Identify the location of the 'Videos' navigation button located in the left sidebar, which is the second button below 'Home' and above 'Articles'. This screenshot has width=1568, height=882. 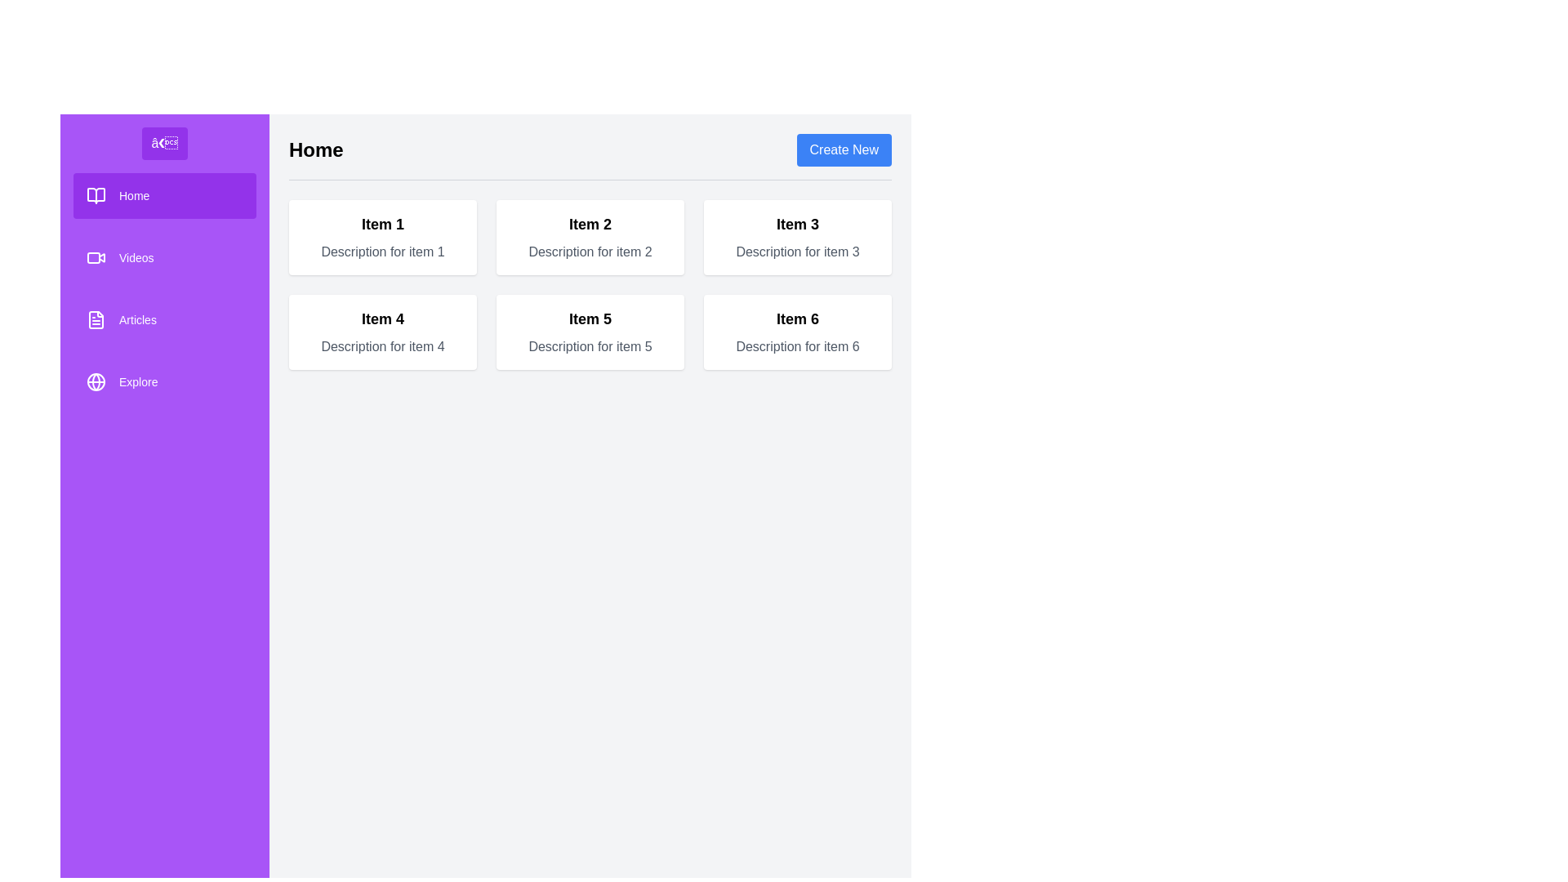
(164, 257).